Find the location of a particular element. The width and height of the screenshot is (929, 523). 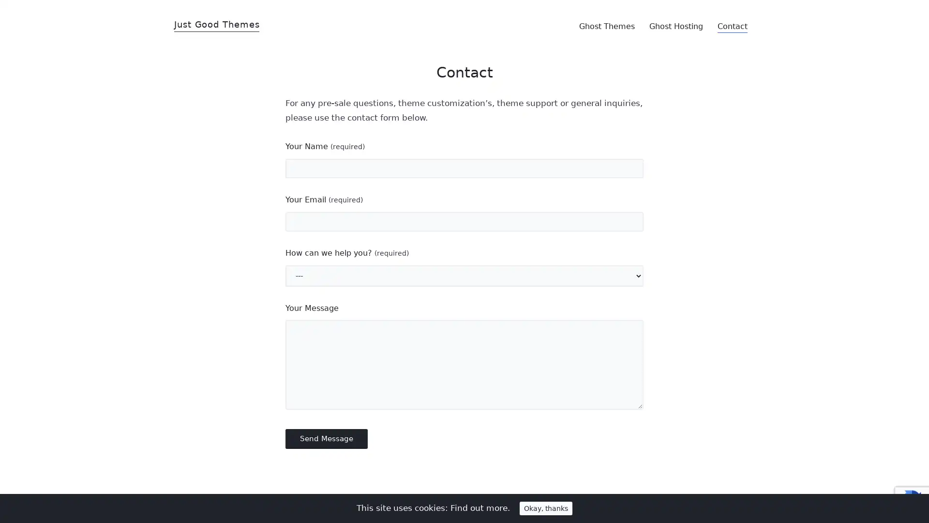

Send Message is located at coordinates (327, 439).